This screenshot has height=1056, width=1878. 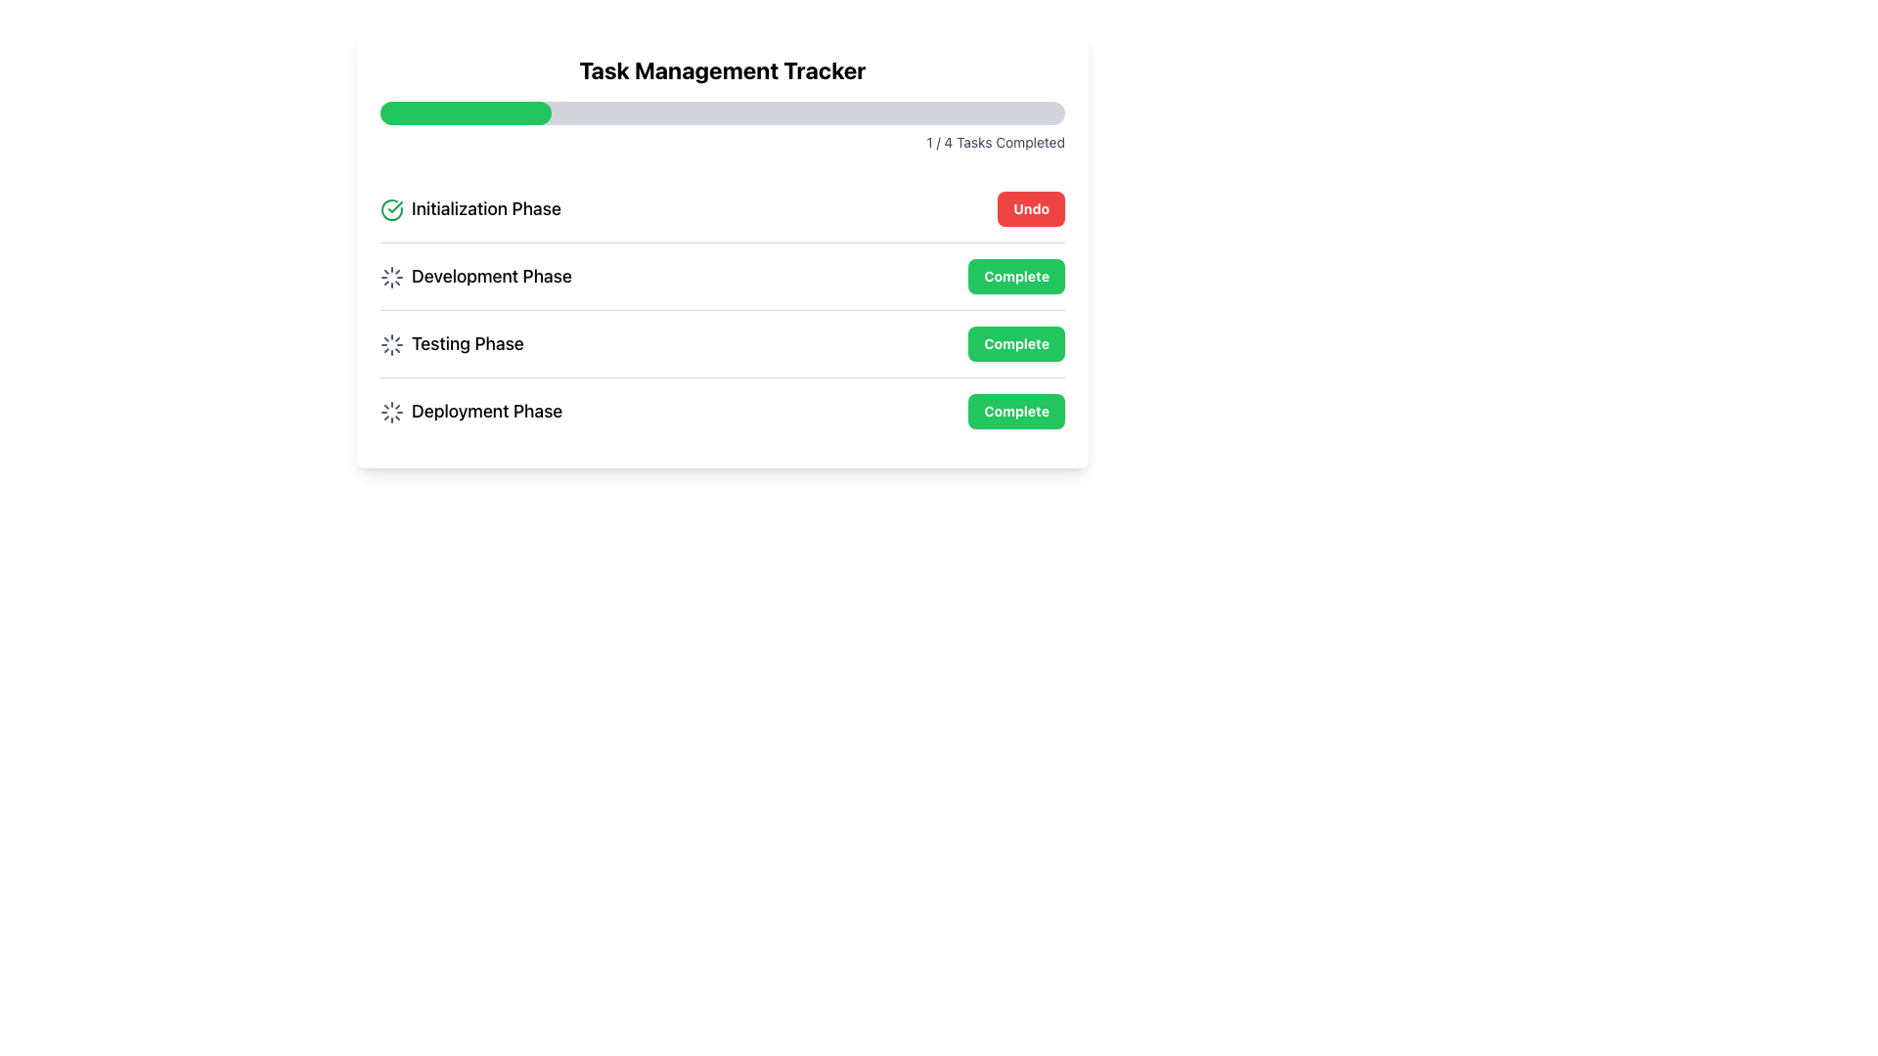 What do you see at coordinates (465, 112) in the screenshot?
I see `the green rectangular Progress Indicator that represents 25% of the progress bar, located below 'Task Management Tracker'` at bounding box center [465, 112].